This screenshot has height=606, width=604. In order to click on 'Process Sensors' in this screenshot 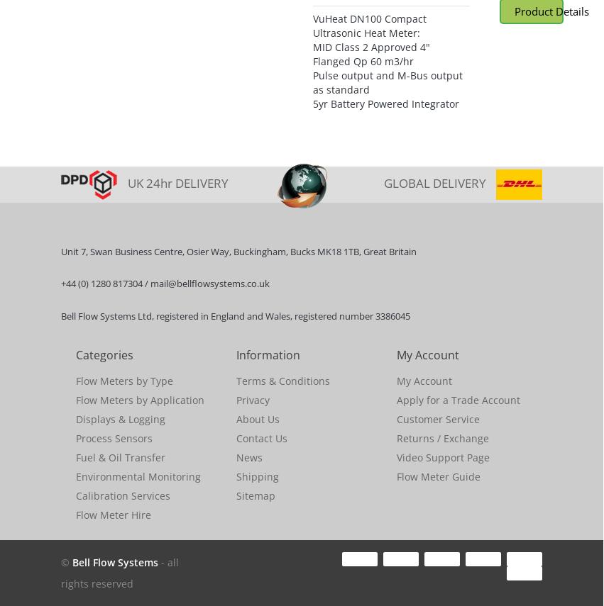, I will do `click(114, 438)`.